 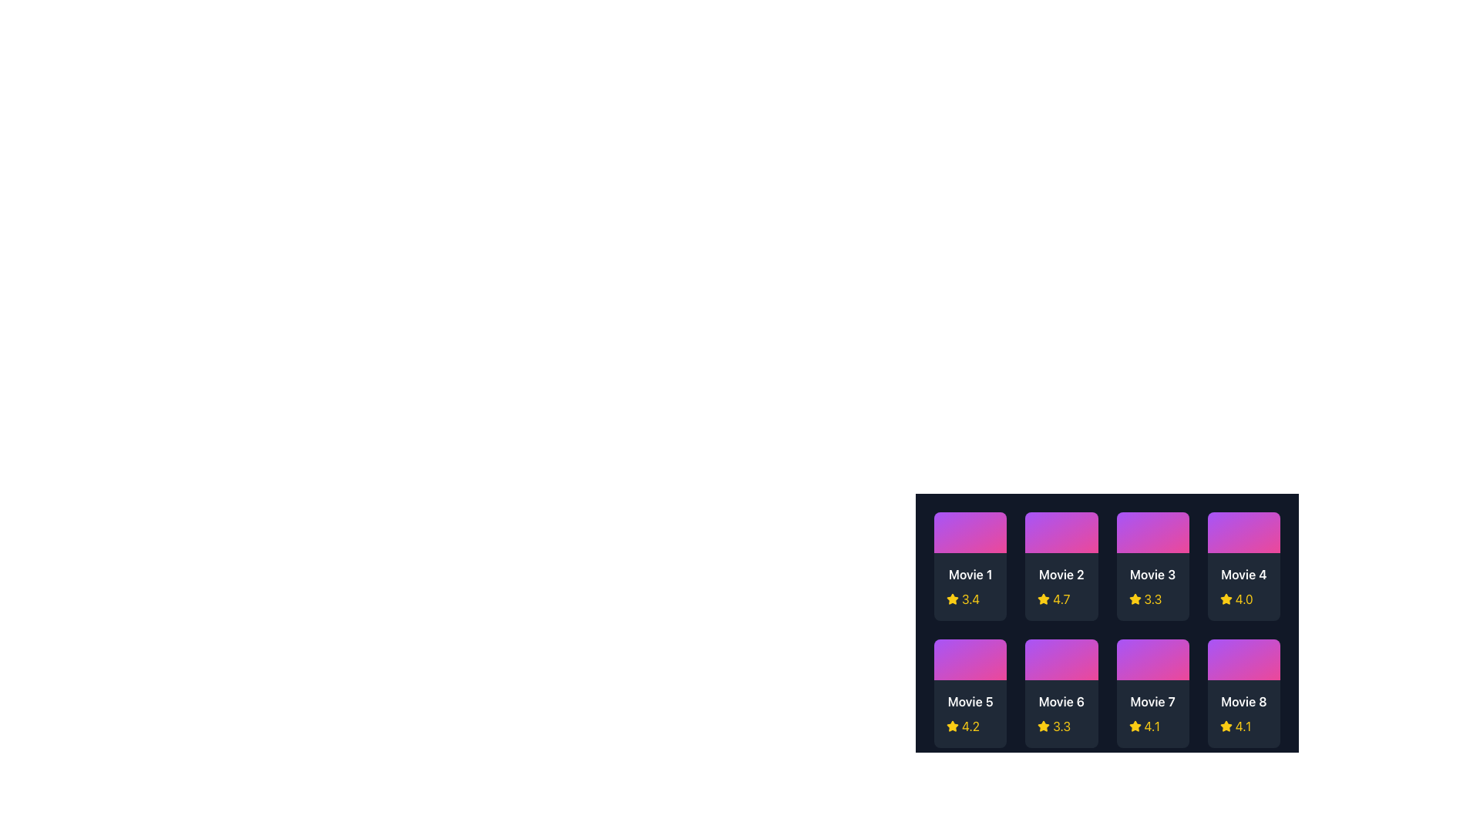 I want to click on the star icon representing the rating for 'Movie 1', which is adjacent to the numeric rating '3.4', so click(x=952, y=599).